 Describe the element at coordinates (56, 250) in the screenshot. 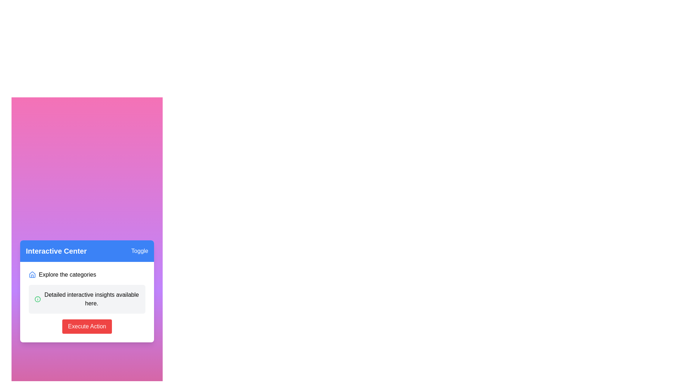

I see `the 'Interactive Center' text label displayed in bold within the blue header bar at the top of the card-like interface` at that location.